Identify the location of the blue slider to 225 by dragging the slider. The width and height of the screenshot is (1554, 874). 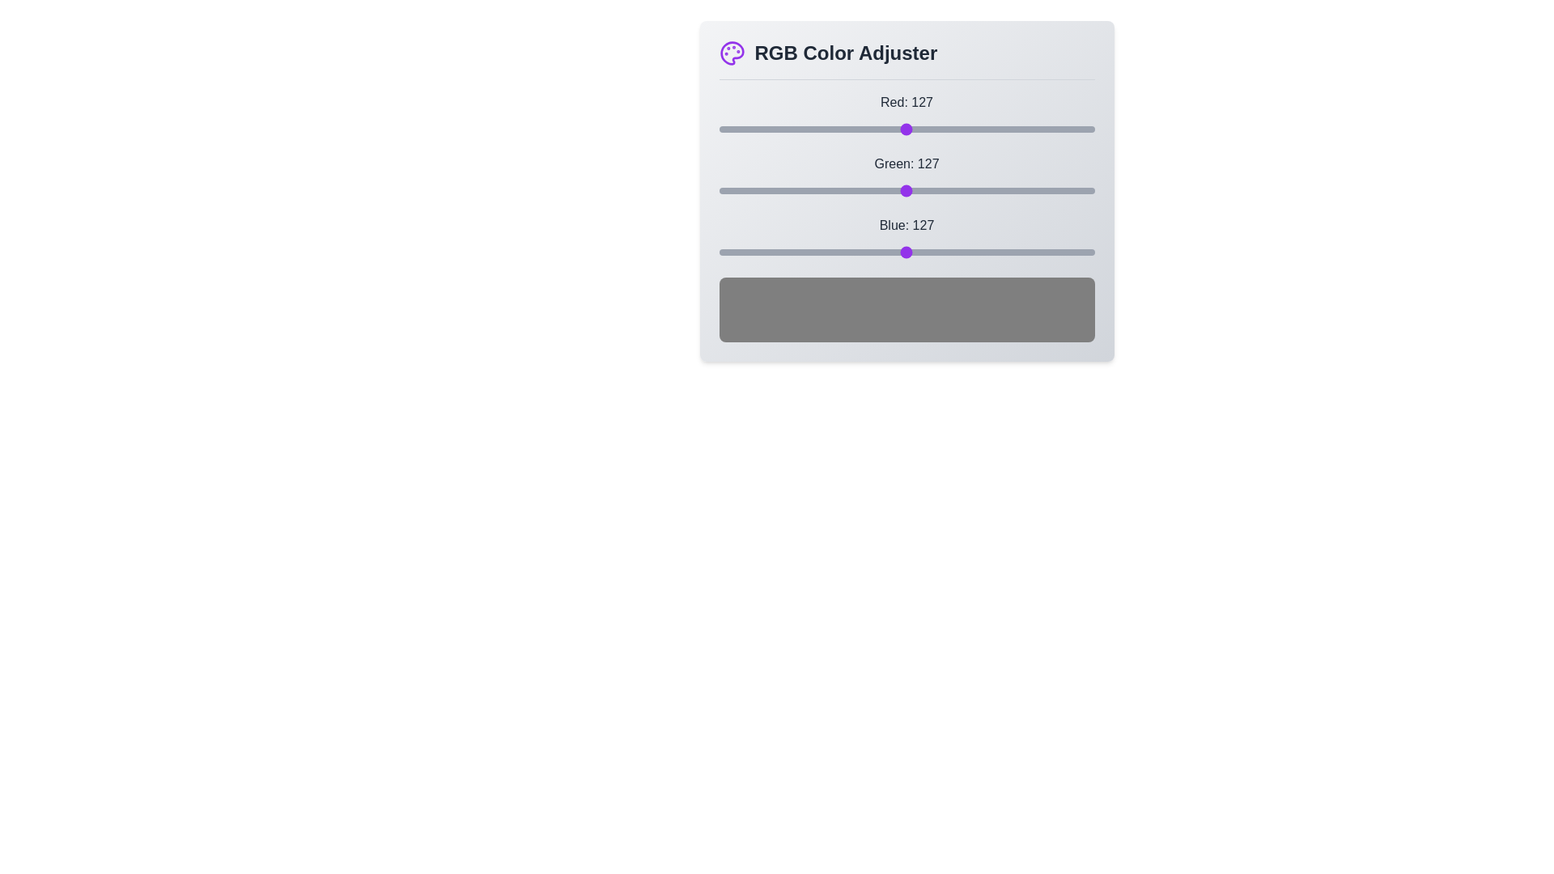
(1050, 252).